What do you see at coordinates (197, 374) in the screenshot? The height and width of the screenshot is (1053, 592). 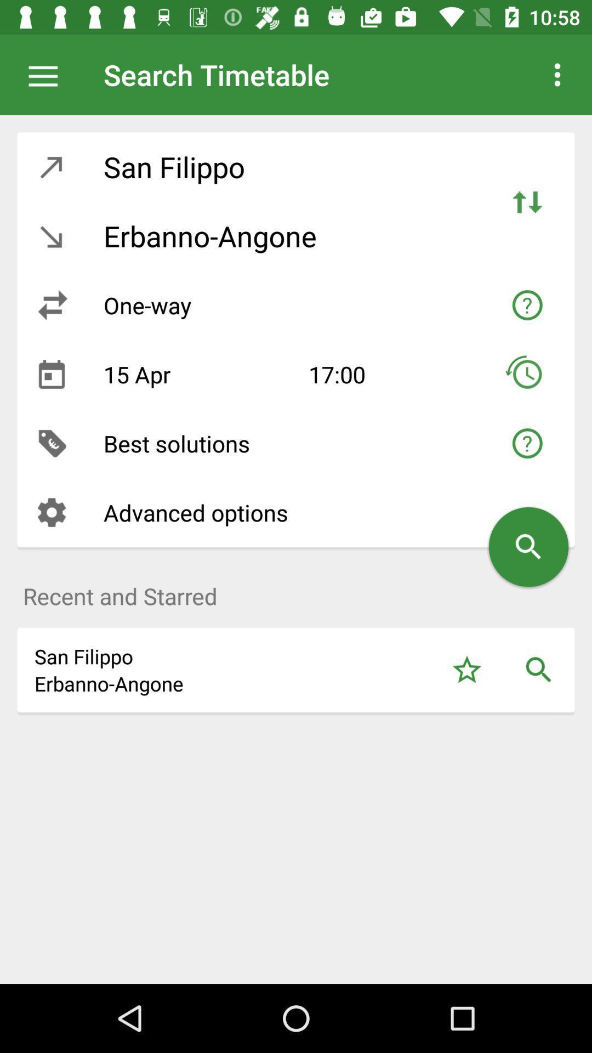 I see `the item below the one-way icon` at bounding box center [197, 374].